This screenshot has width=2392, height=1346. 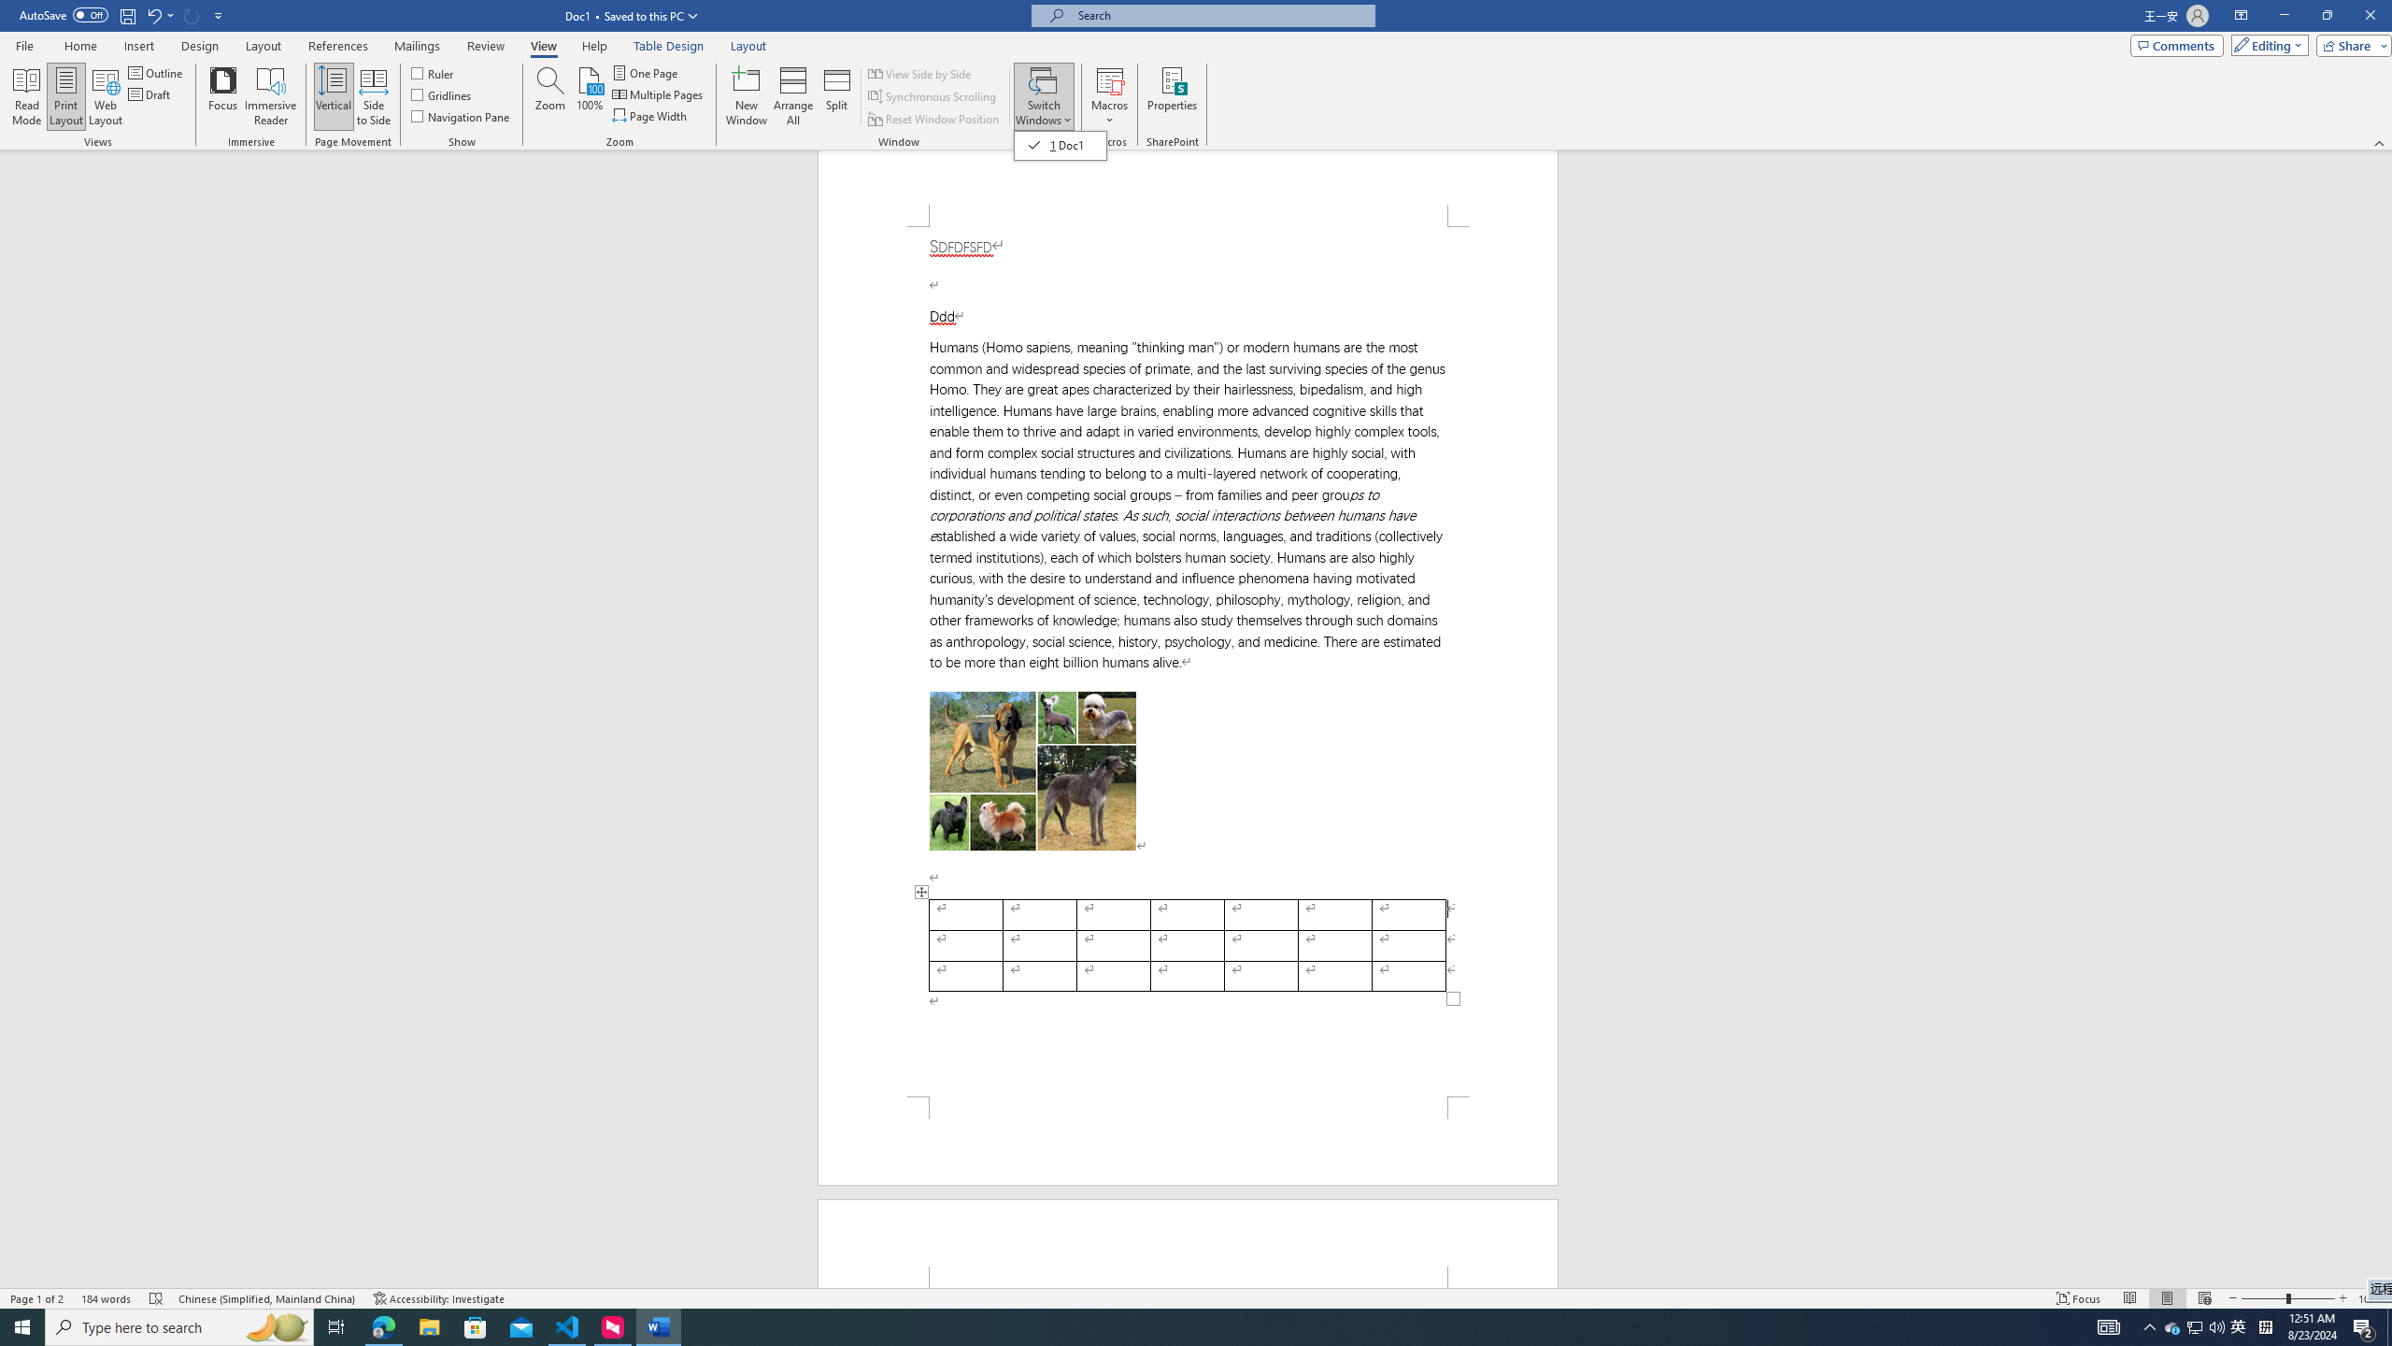 I want to click on 'Microsoft Store', so click(x=476, y=1325).